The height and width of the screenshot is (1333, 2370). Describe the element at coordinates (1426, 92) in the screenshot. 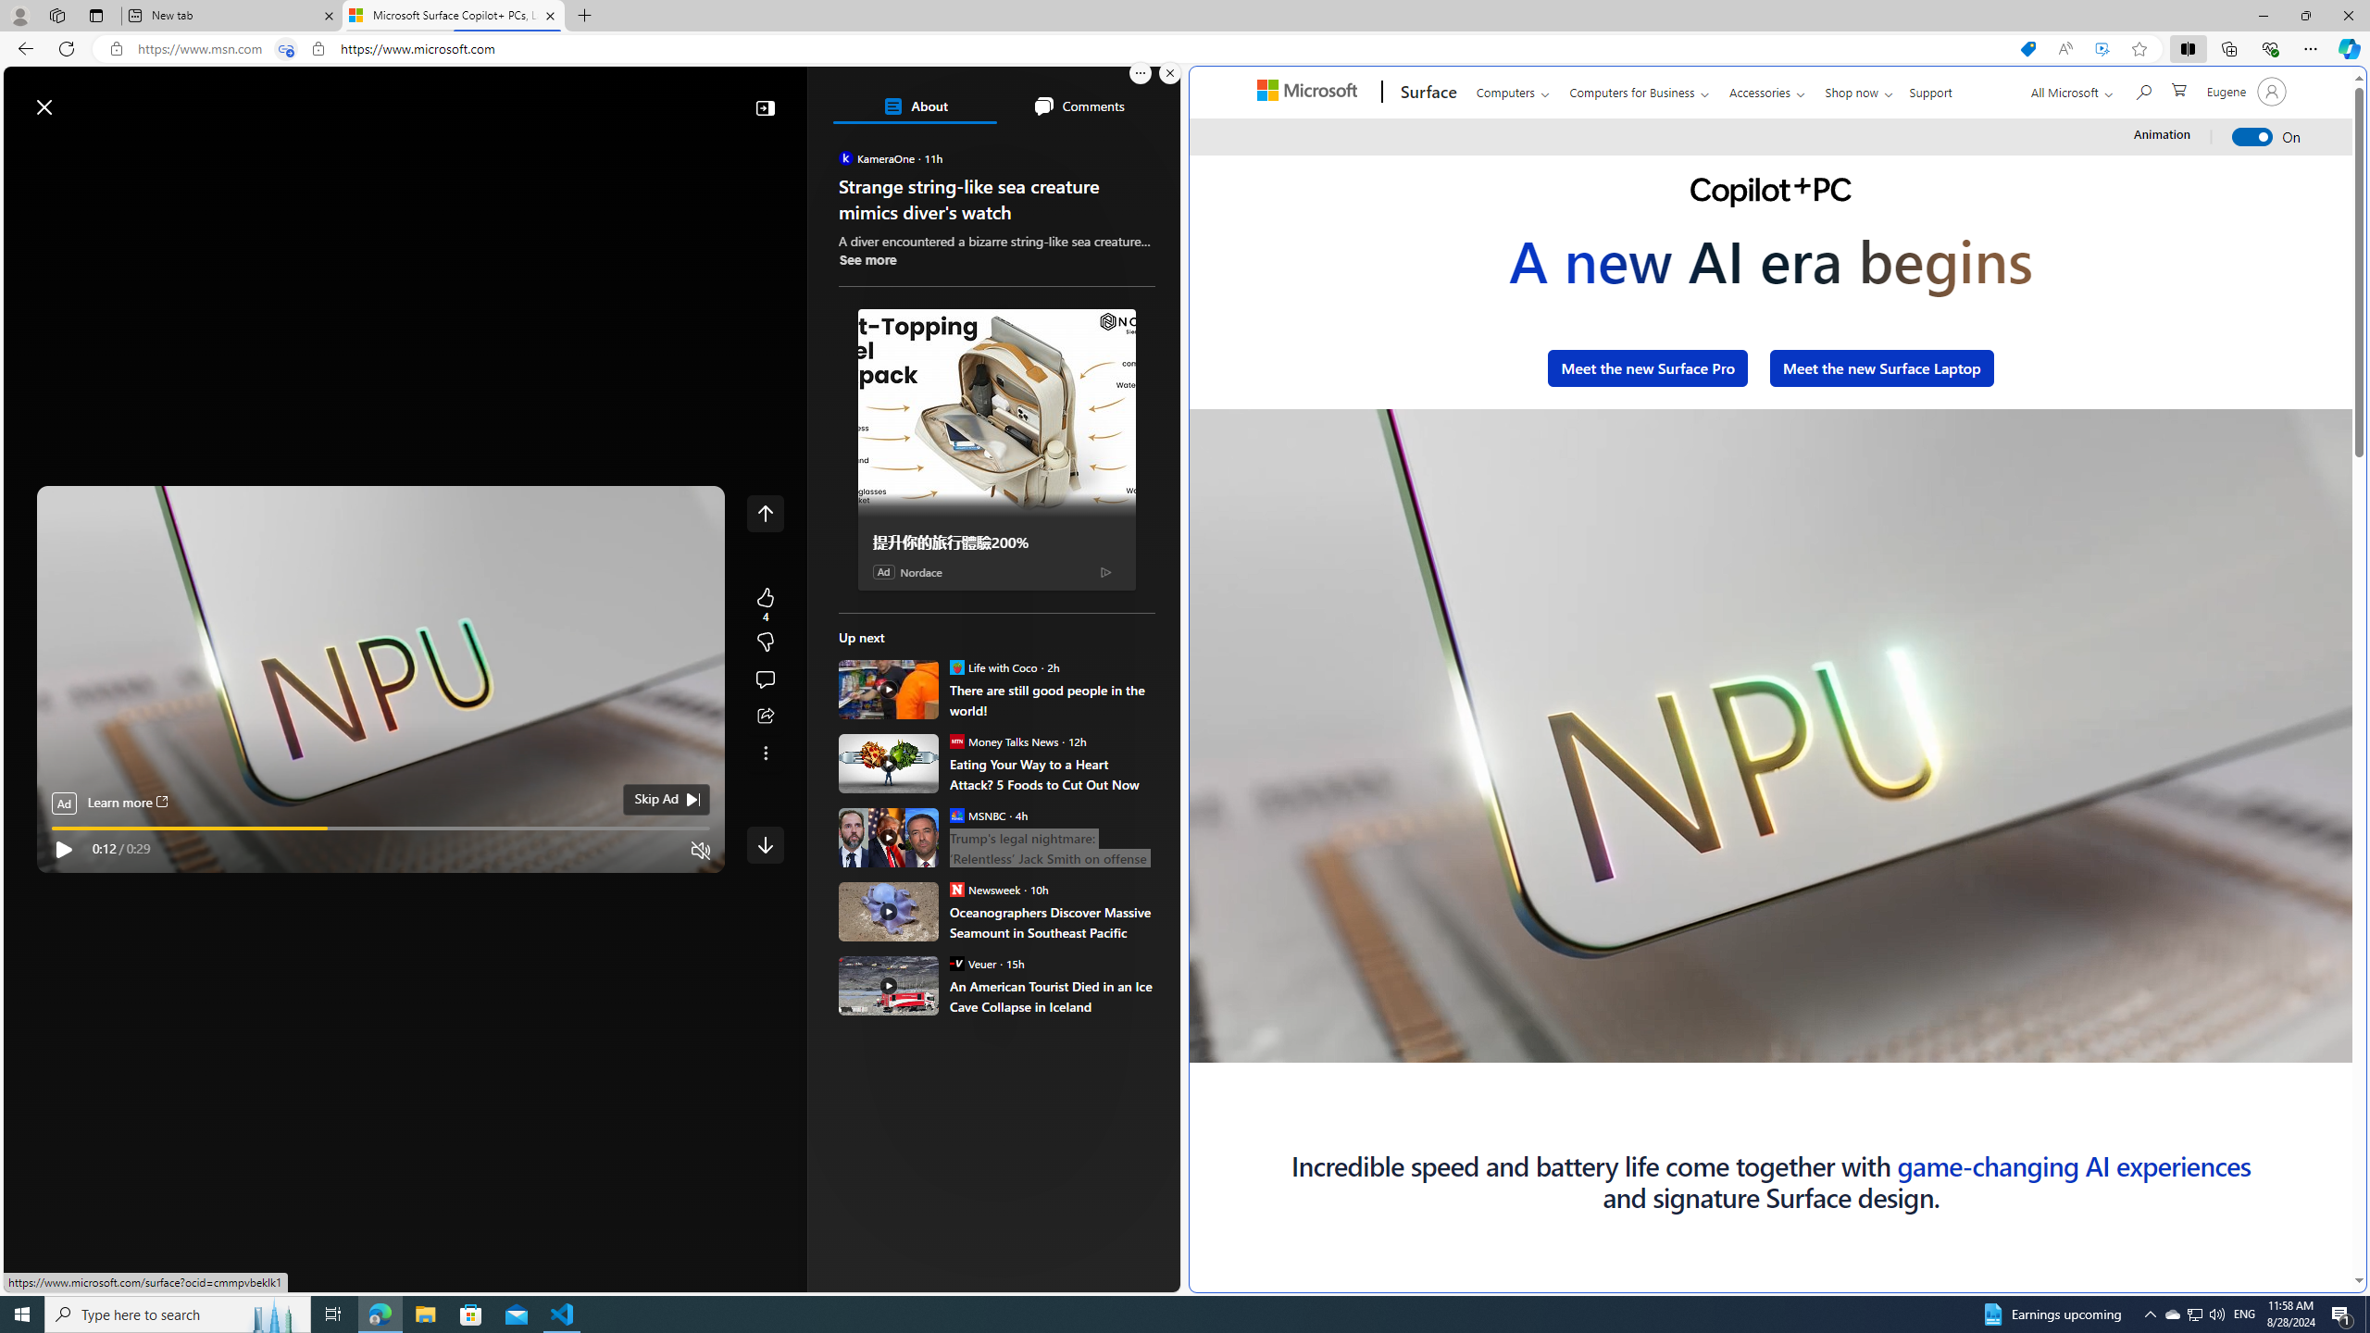

I see `'Surface'` at that location.